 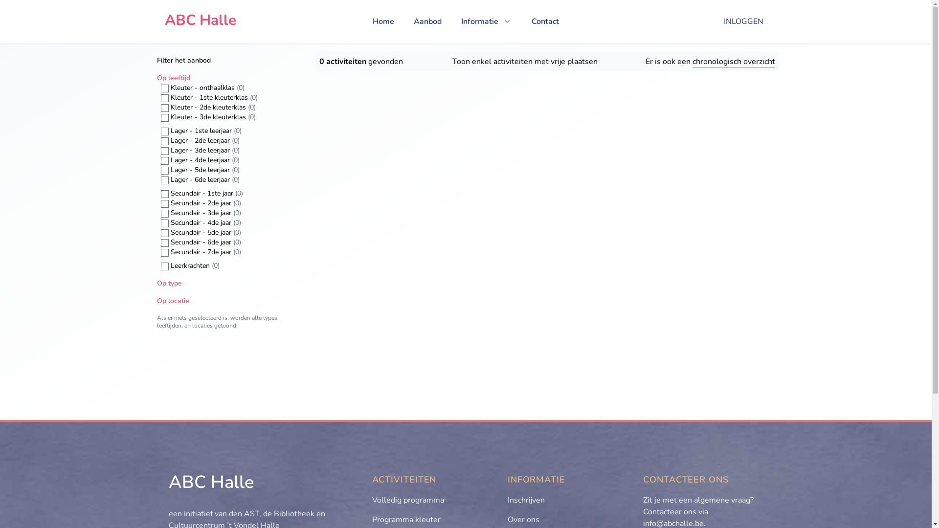 What do you see at coordinates (427, 21) in the screenshot?
I see `'Aanbod'` at bounding box center [427, 21].